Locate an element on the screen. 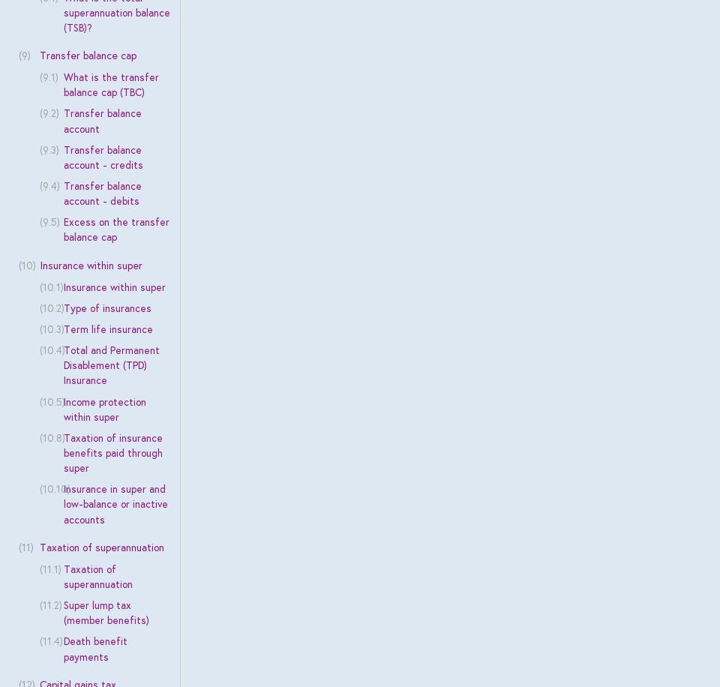 The image size is (720, 687). '(9.2)' is located at coordinates (48, 112).